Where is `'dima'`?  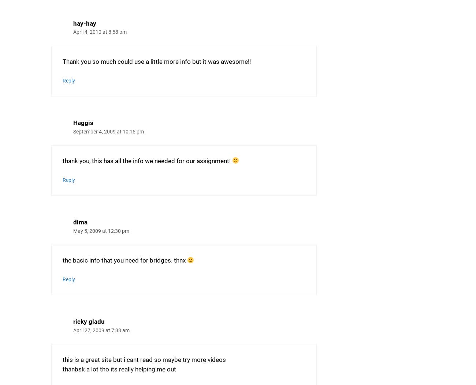
'dima' is located at coordinates (80, 222).